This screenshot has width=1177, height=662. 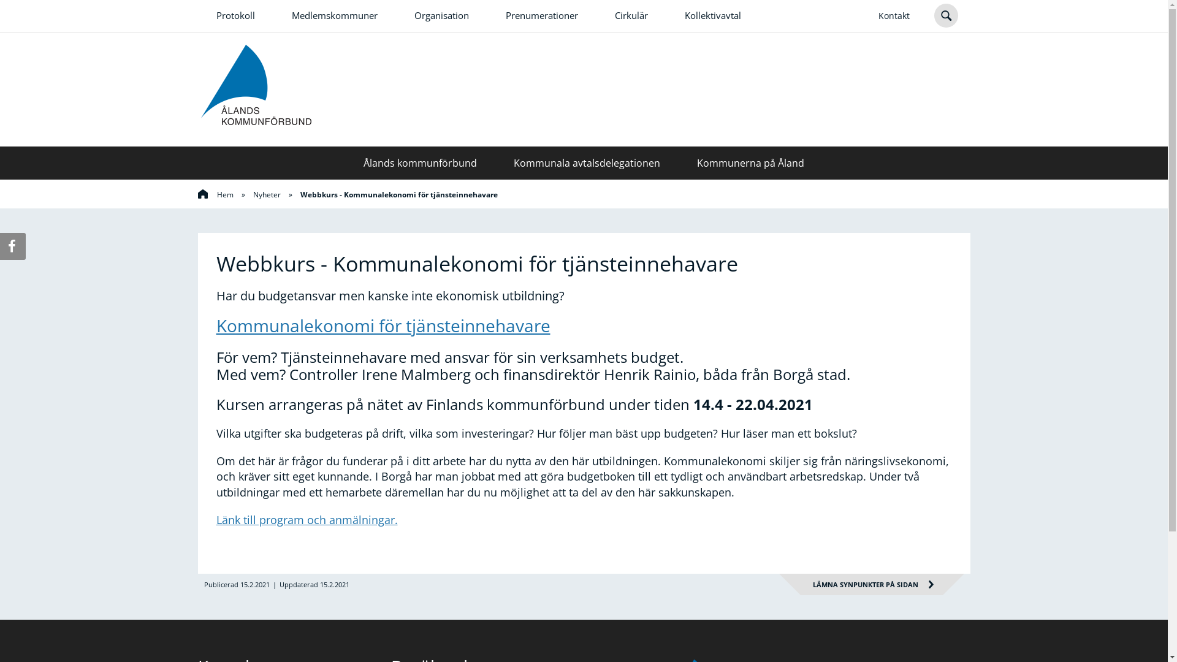 What do you see at coordinates (235, 16) in the screenshot?
I see `'Protokoll'` at bounding box center [235, 16].